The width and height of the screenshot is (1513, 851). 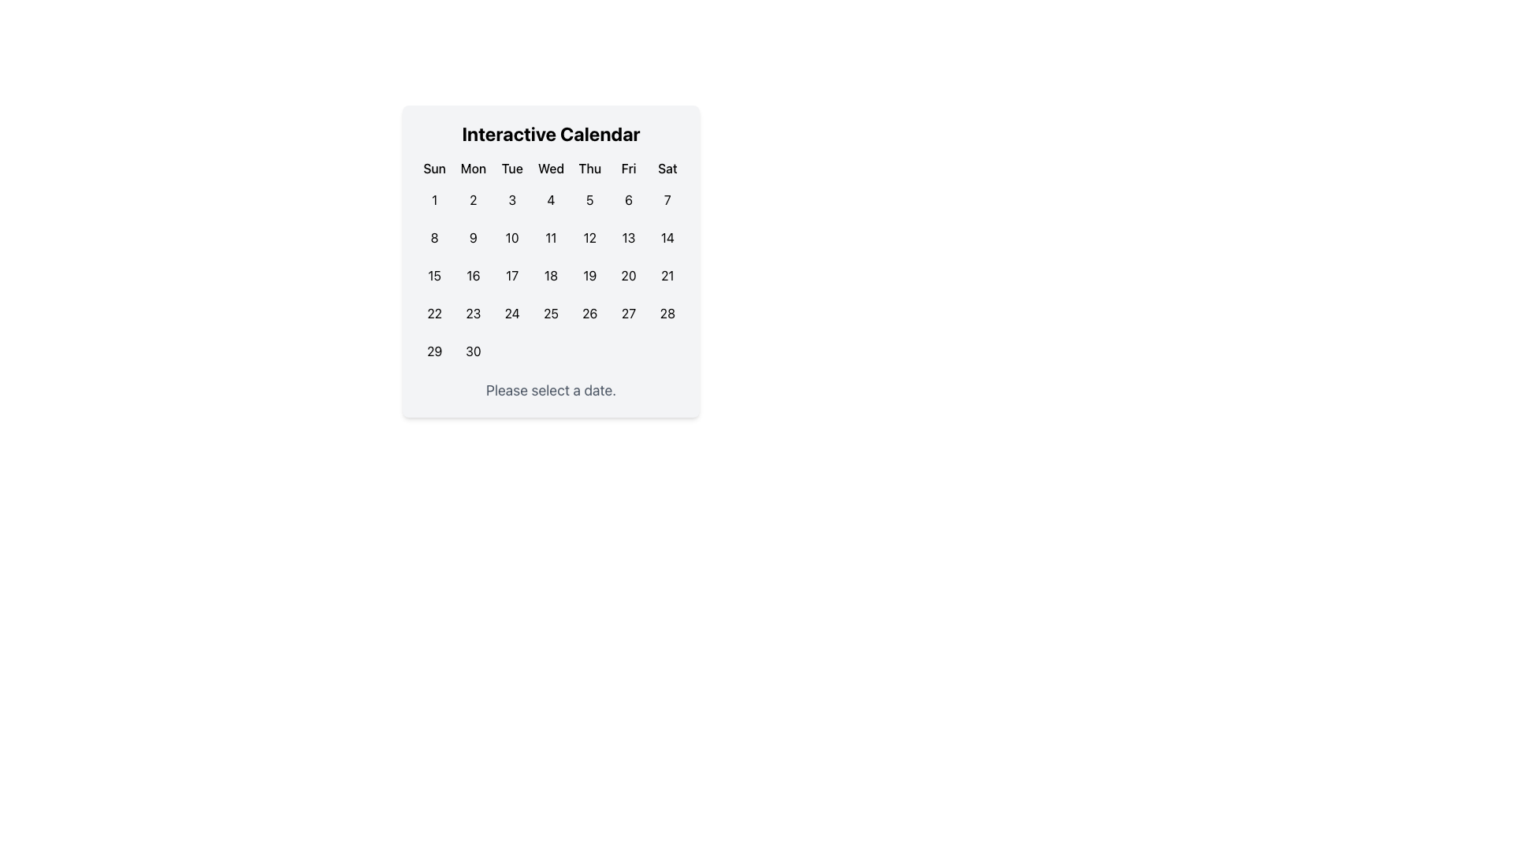 What do you see at coordinates (472, 351) in the screenshot?
I see `the square button with rounded corners and a light gray background that contains the number '30' in black font` at bounding box center [472, 351].